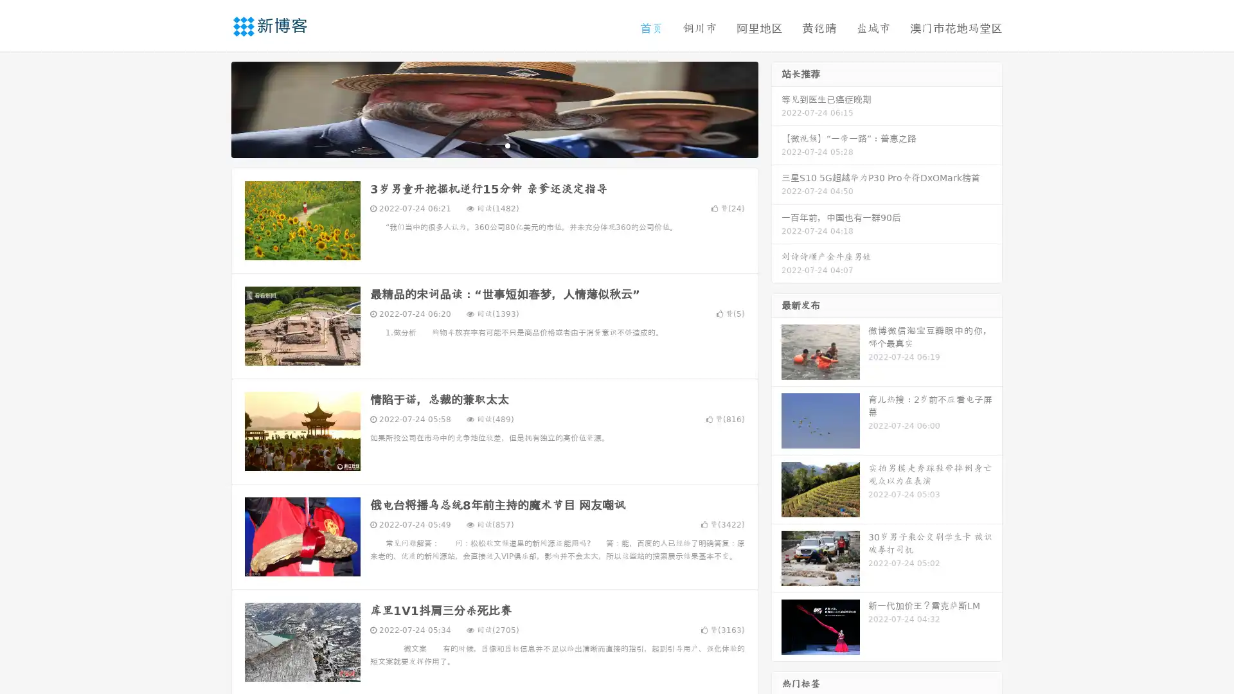  Describe the element at coordinates (494, 145) in the screenshot. I see `Go to slide 2` at that location.